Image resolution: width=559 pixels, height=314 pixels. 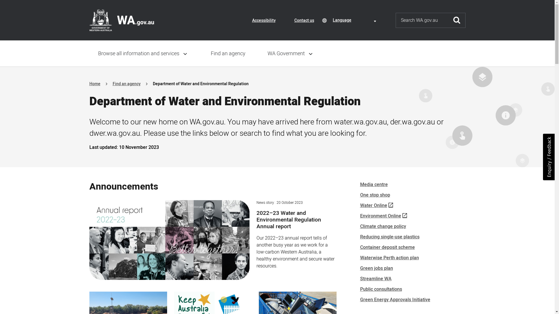 I want to click on 'Find an agency', so click(x=112, y=84).